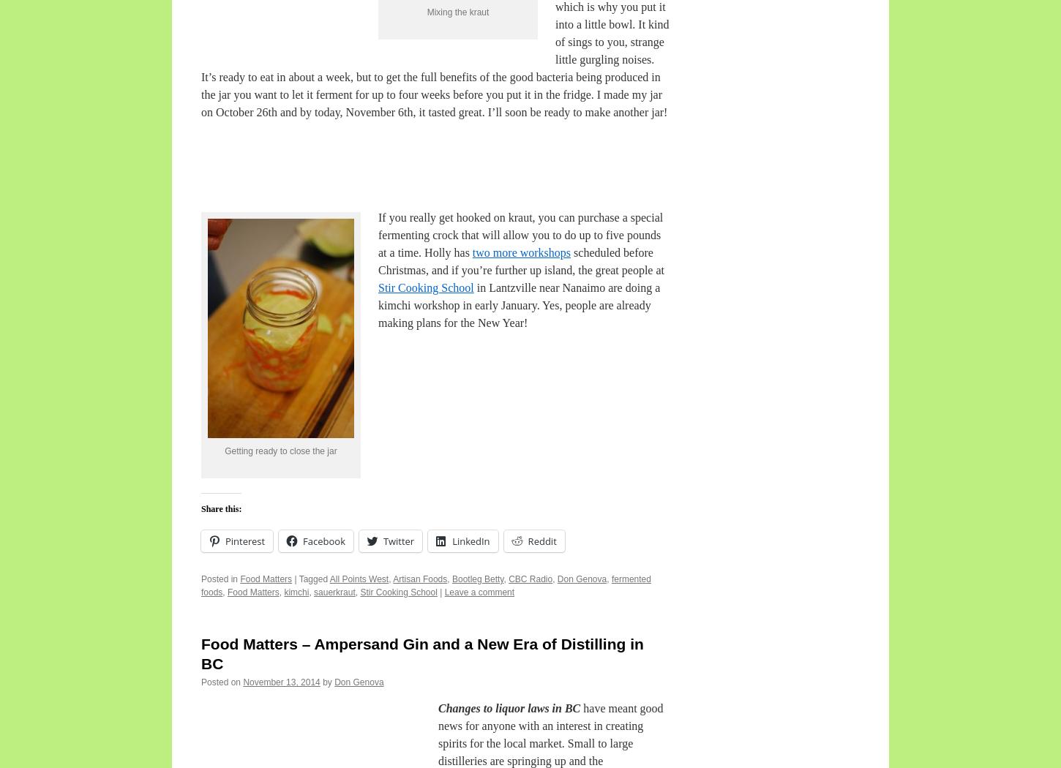 The width and height of the screenshot is (1061, 768). What do you see at coordinates (520, 260) in the screenshot?
I see `'scheduled before Christmas, and if you’re further up island, the great people at'` at bounding box center [520, 260].